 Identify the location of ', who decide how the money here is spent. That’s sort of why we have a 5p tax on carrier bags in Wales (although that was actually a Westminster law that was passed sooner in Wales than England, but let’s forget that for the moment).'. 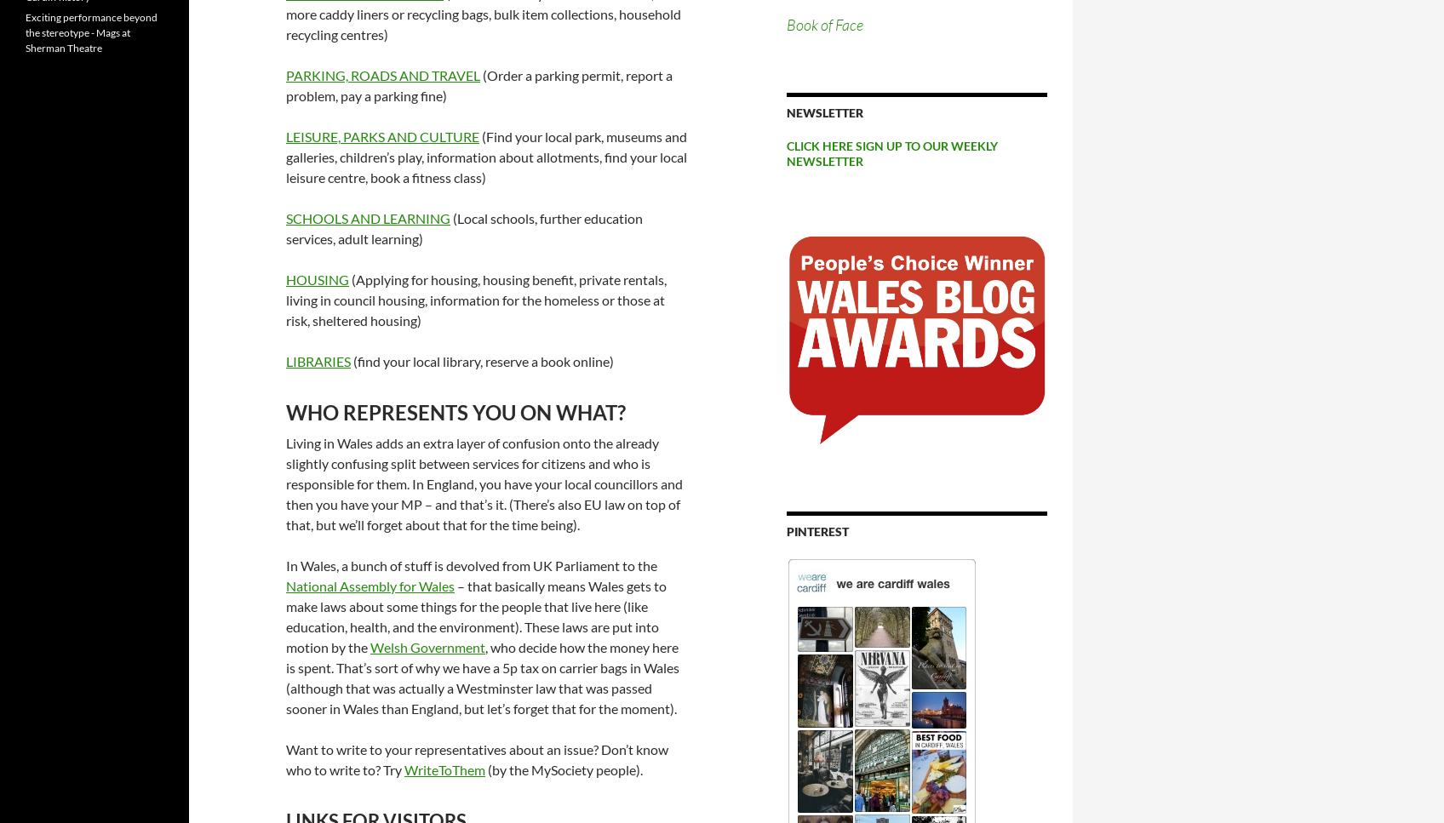
(482, 676).